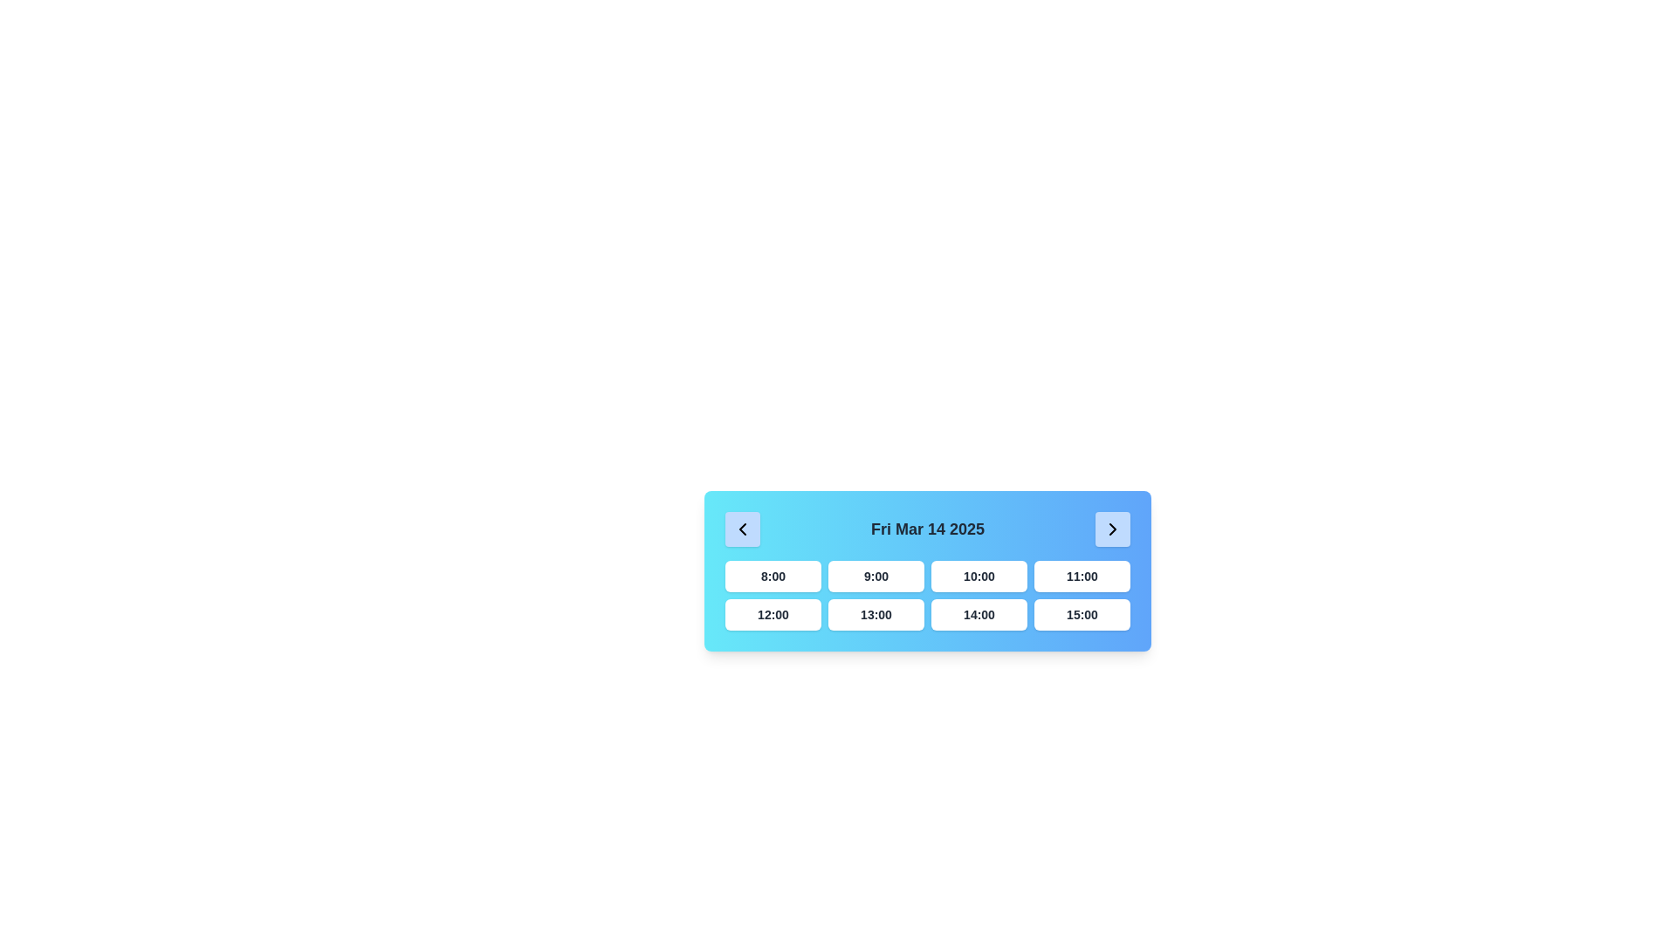 This screenshot has height=942, width=1676. Describe the element at coordinates (773, 614) in the screenshot. I see `the button labeled '12:00', which is a white rectangular button with rounded corners and shadow, located in the second row and first column of a 2x4 grid` at that location.